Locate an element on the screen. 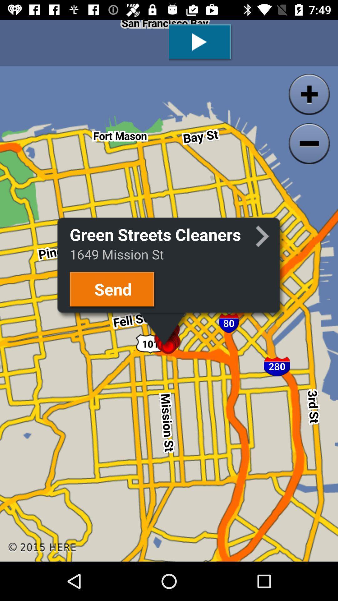 The width and height of the screenshot is (338, 601). the arrow_forward icon is located at coordinates (262, 236).